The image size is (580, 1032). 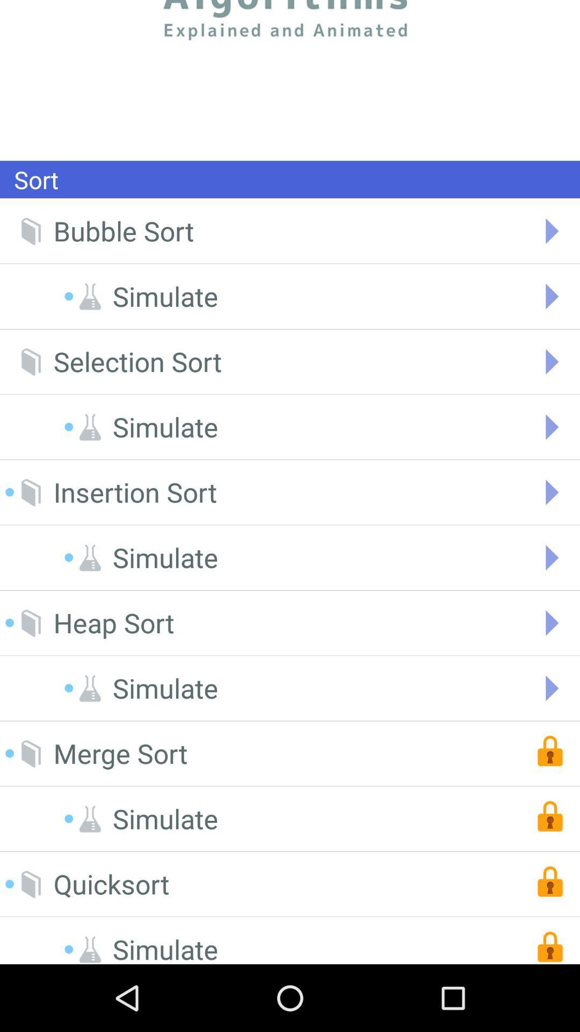 I want to click on icon below the sort item, so click(x=123, y=231).